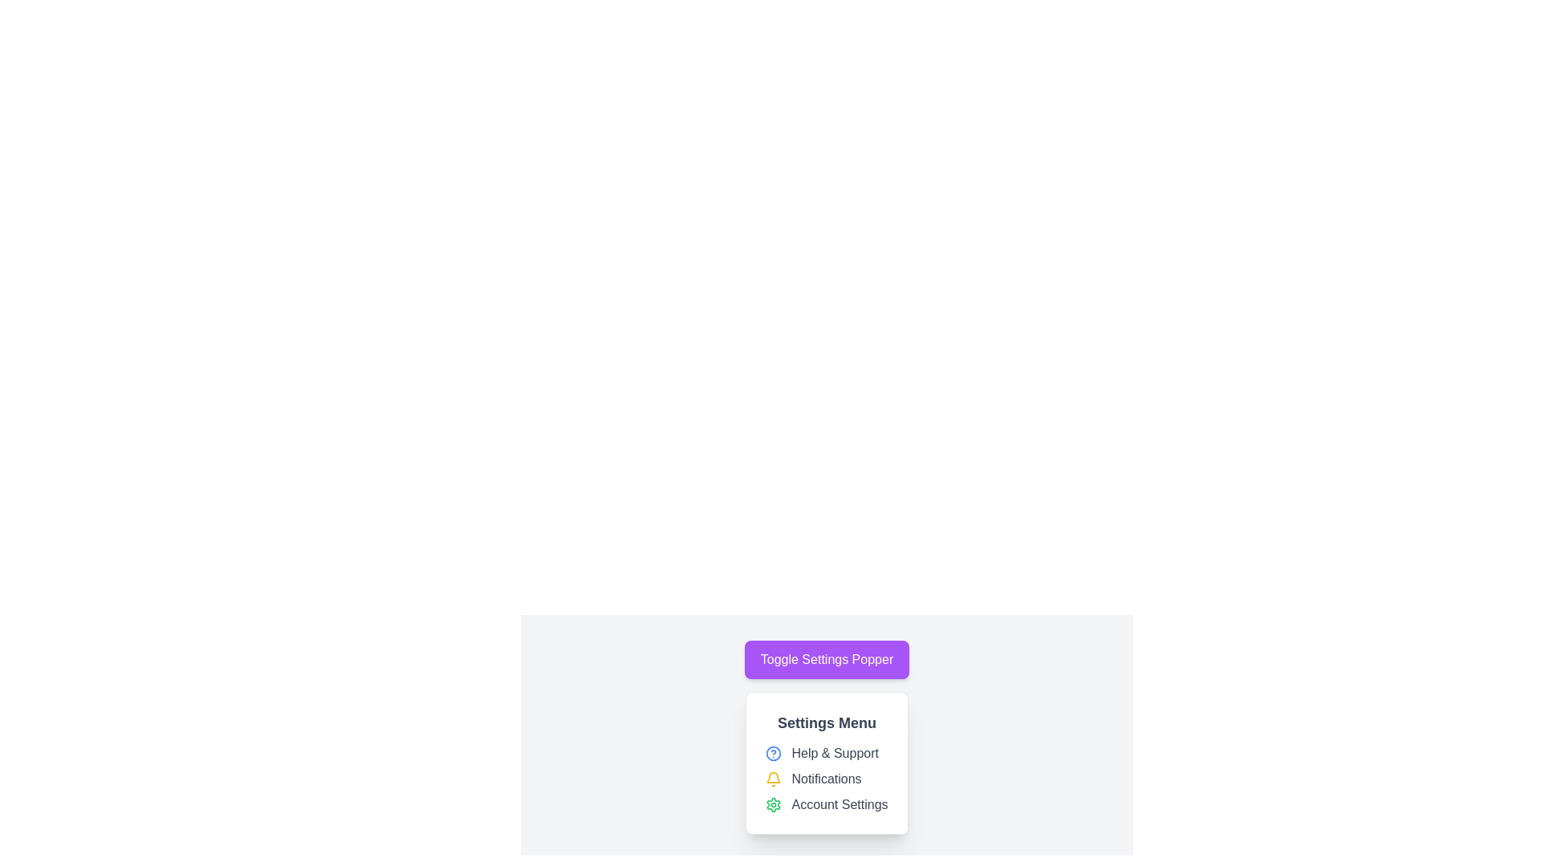 This screenshot has height=866, width=1541. Describe the element at coordinates (827, 723) in the screenshot. I see `title text of the settings menu header located at the top of the white rectangular box, positioned directly beneath the purple button labeled 'Toggle Settings Popper'` at that location.